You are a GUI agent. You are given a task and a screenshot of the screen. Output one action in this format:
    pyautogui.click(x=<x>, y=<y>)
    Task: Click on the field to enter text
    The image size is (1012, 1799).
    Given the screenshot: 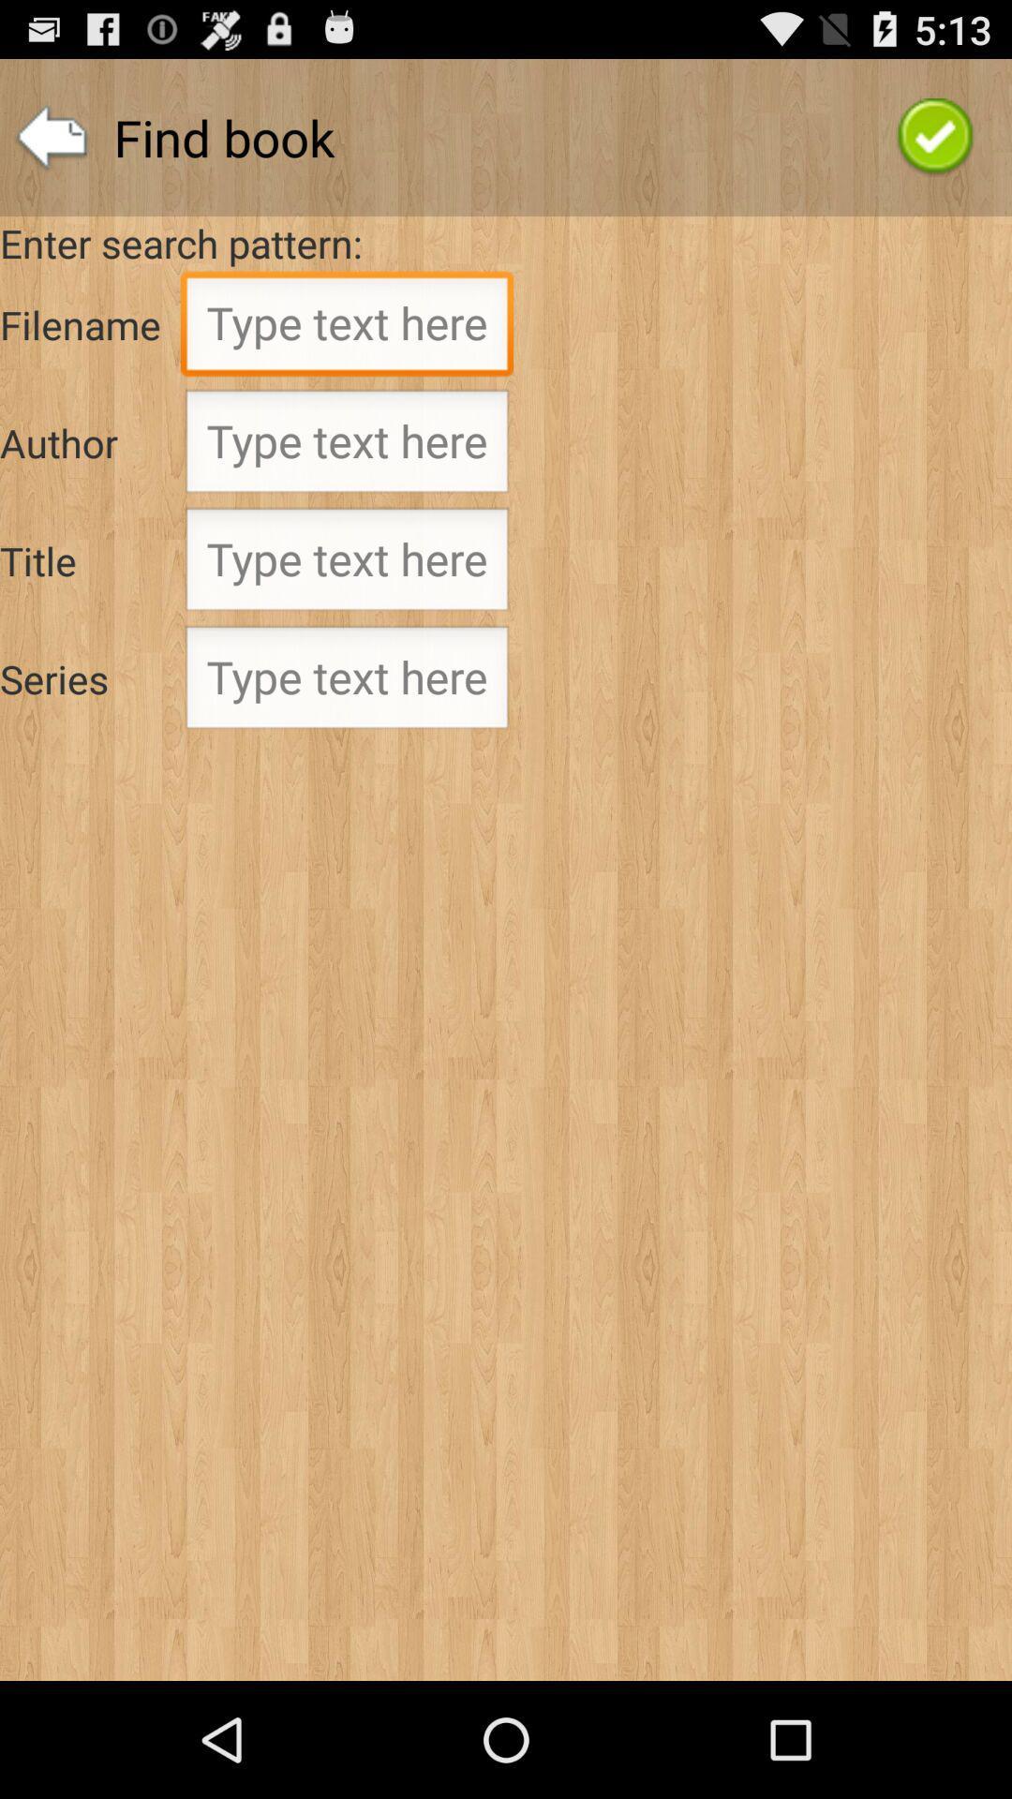 What is the action you would take?
    pyautogui.click(x=347, y=564)
    